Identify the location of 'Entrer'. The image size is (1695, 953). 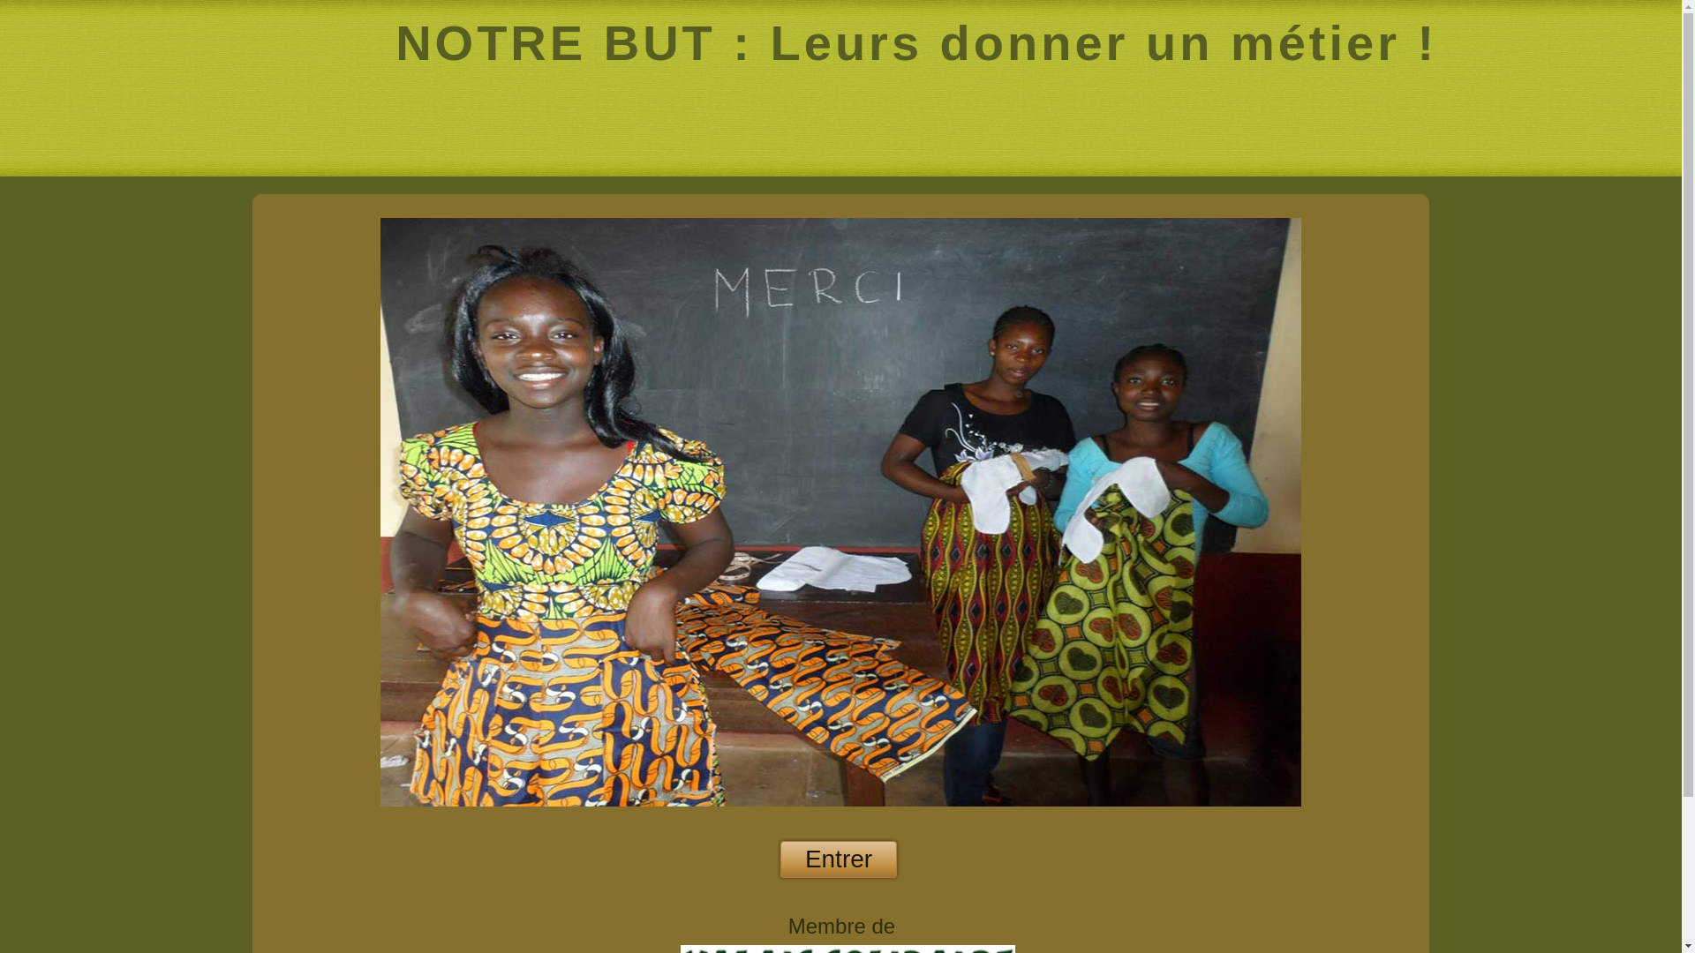
(838, 859).